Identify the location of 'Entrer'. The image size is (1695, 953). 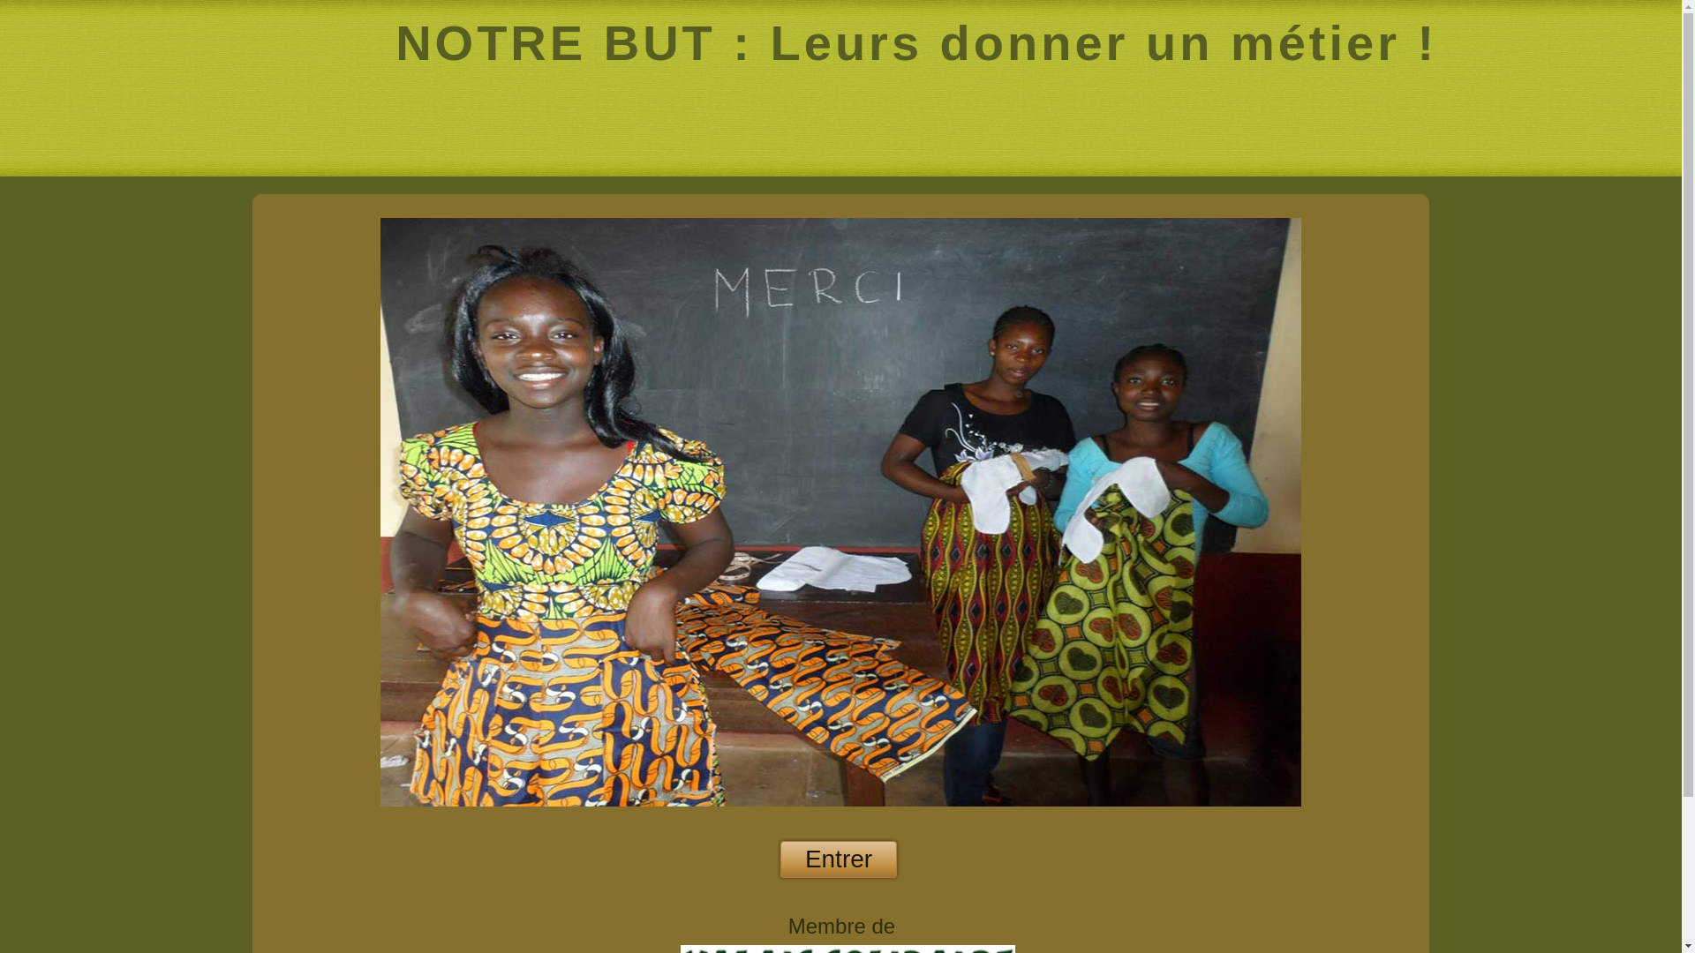
(838, 859).